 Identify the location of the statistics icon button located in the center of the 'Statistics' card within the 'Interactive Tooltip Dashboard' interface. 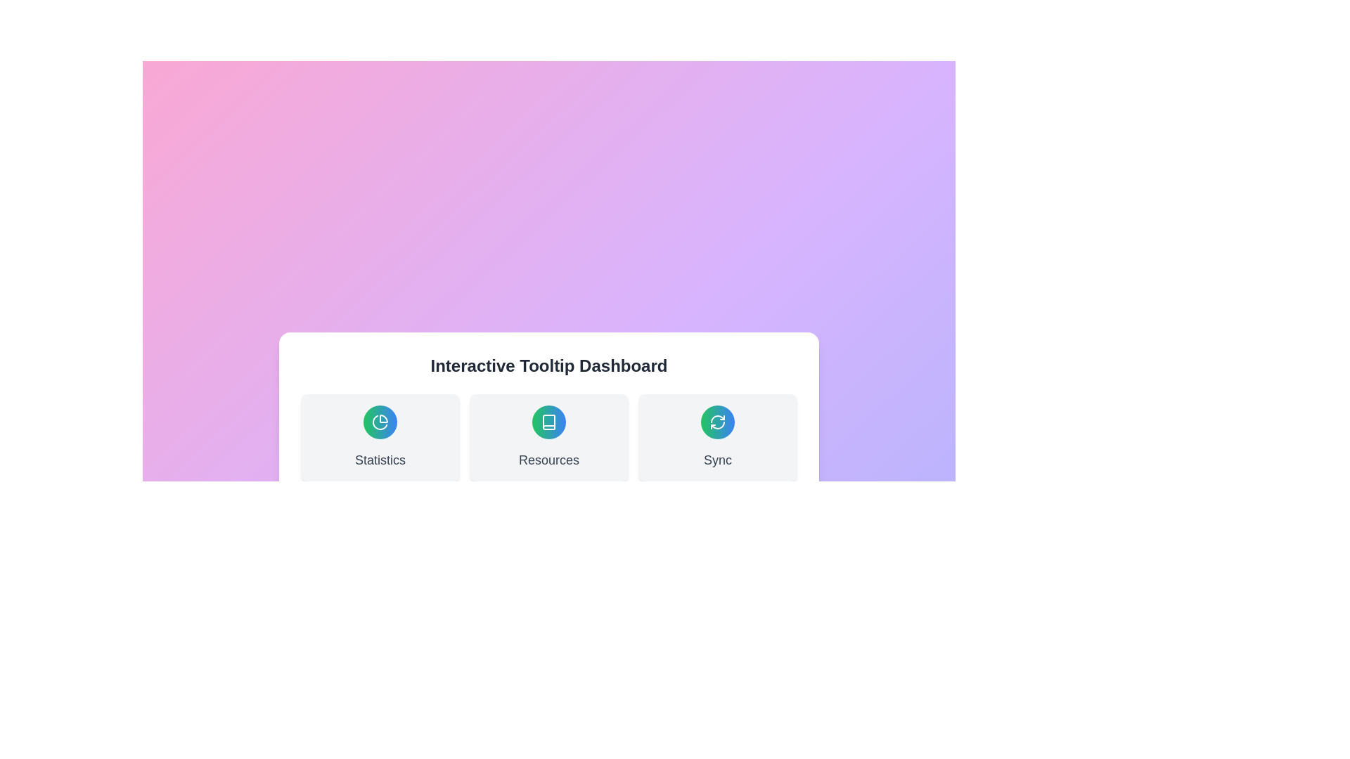
(380, 422).